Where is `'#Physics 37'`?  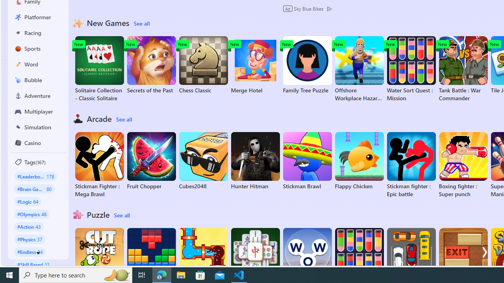
'#Physics 37' is located at coordinates (30, 239).